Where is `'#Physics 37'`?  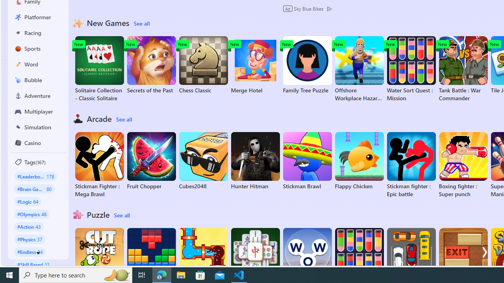
'#Physics 37' is located at coordinates (30, 239).